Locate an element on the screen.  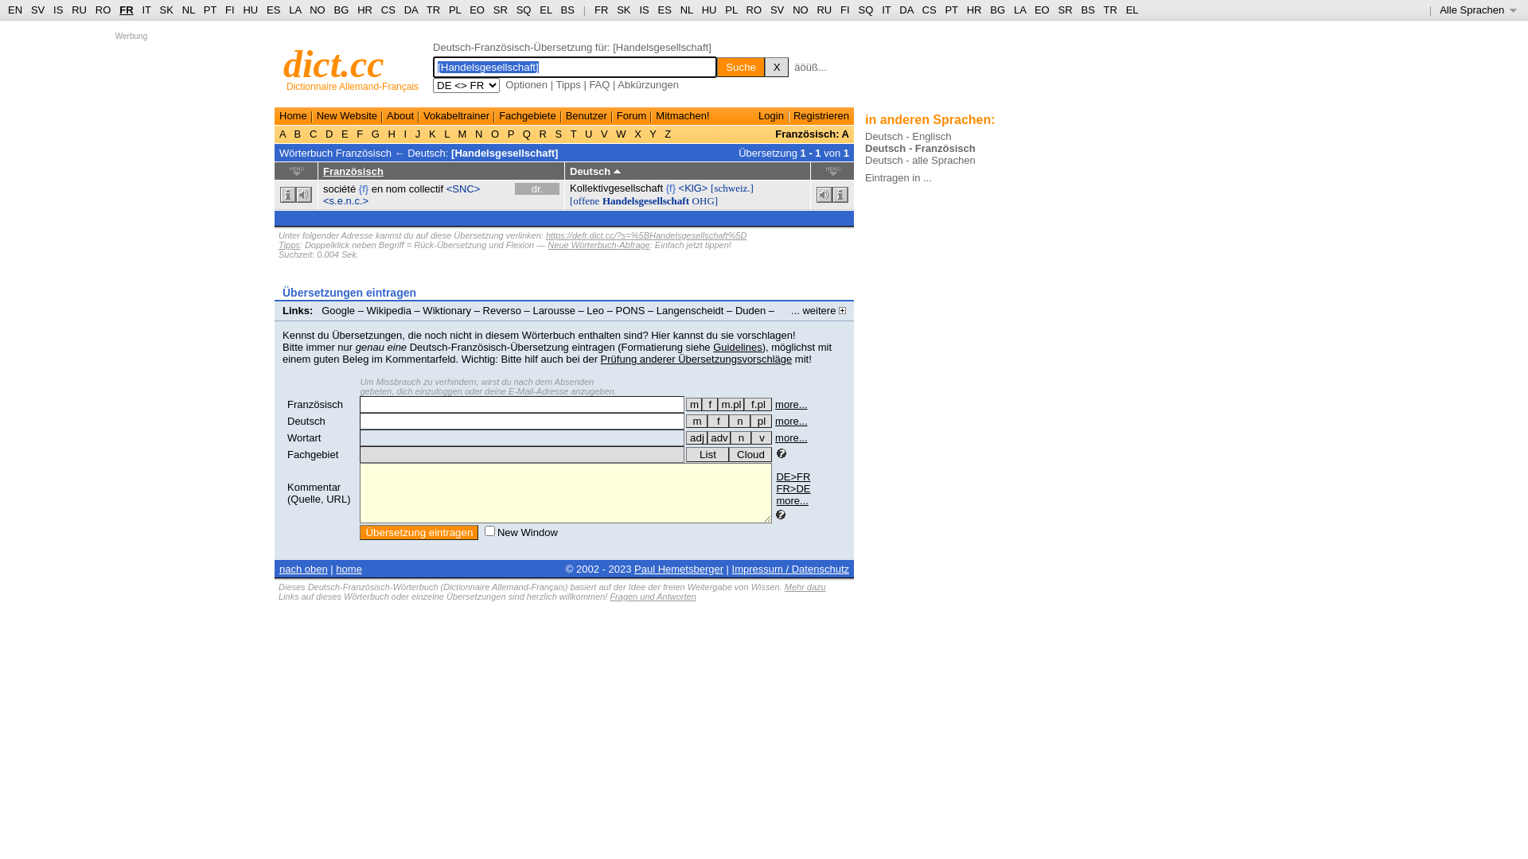
'Benutzer' is located at coordinates (586, 115).